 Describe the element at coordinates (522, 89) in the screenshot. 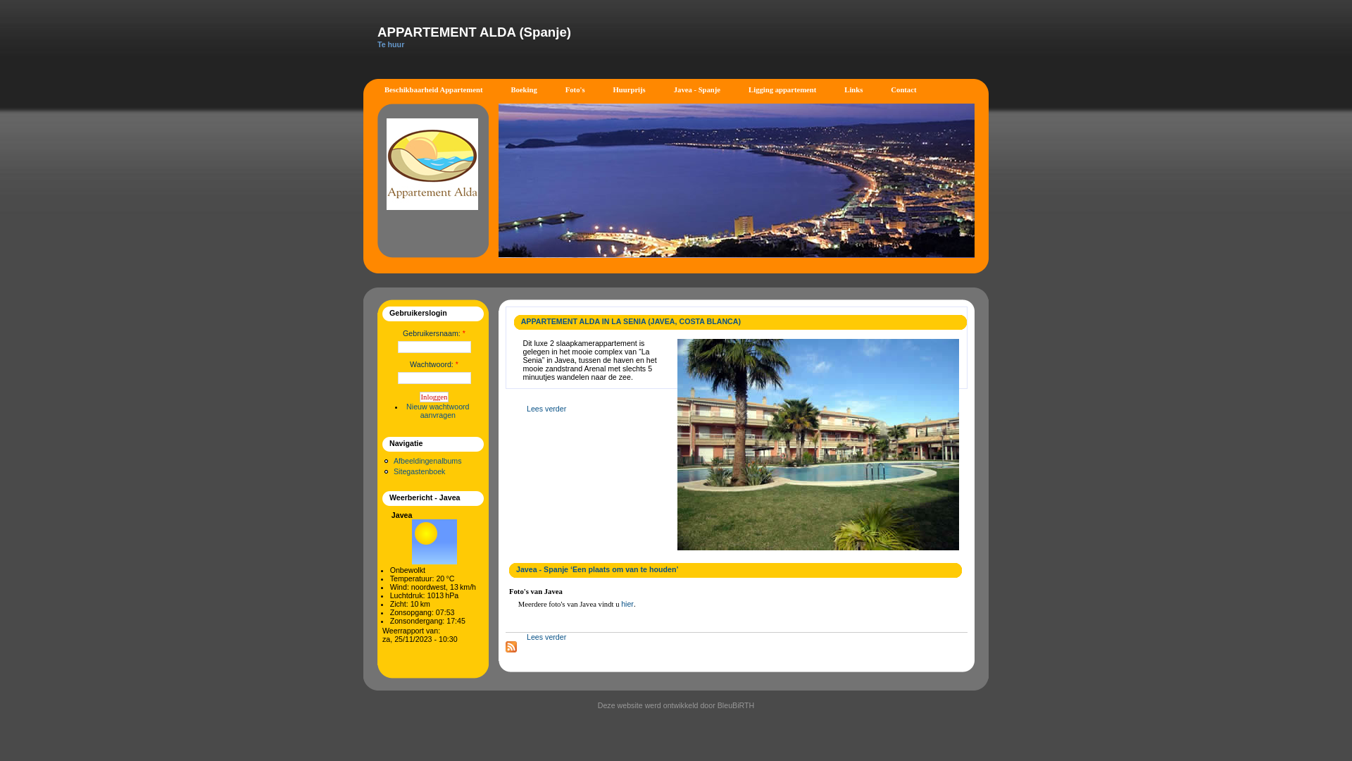

I see `'Boeking'` at that location.